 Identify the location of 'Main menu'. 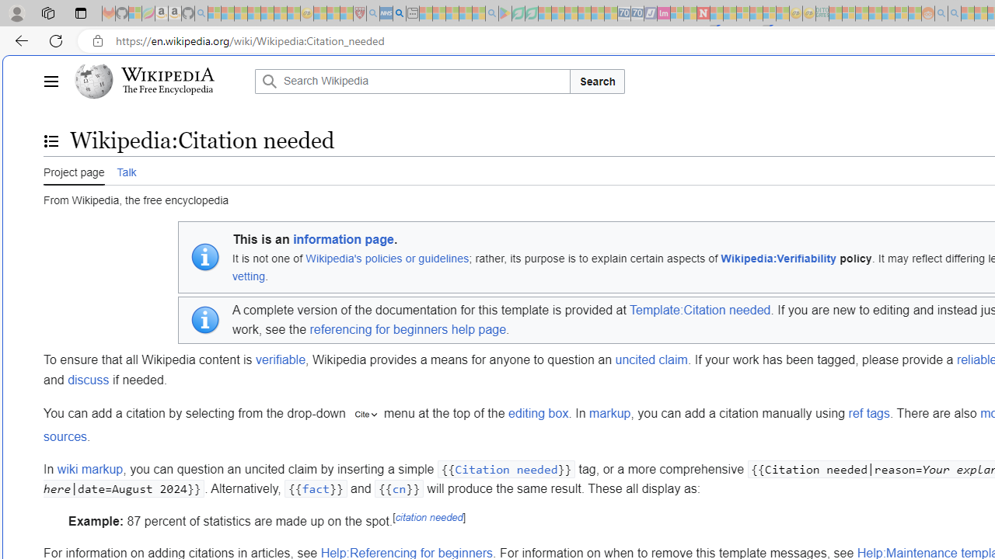
(51, 82).